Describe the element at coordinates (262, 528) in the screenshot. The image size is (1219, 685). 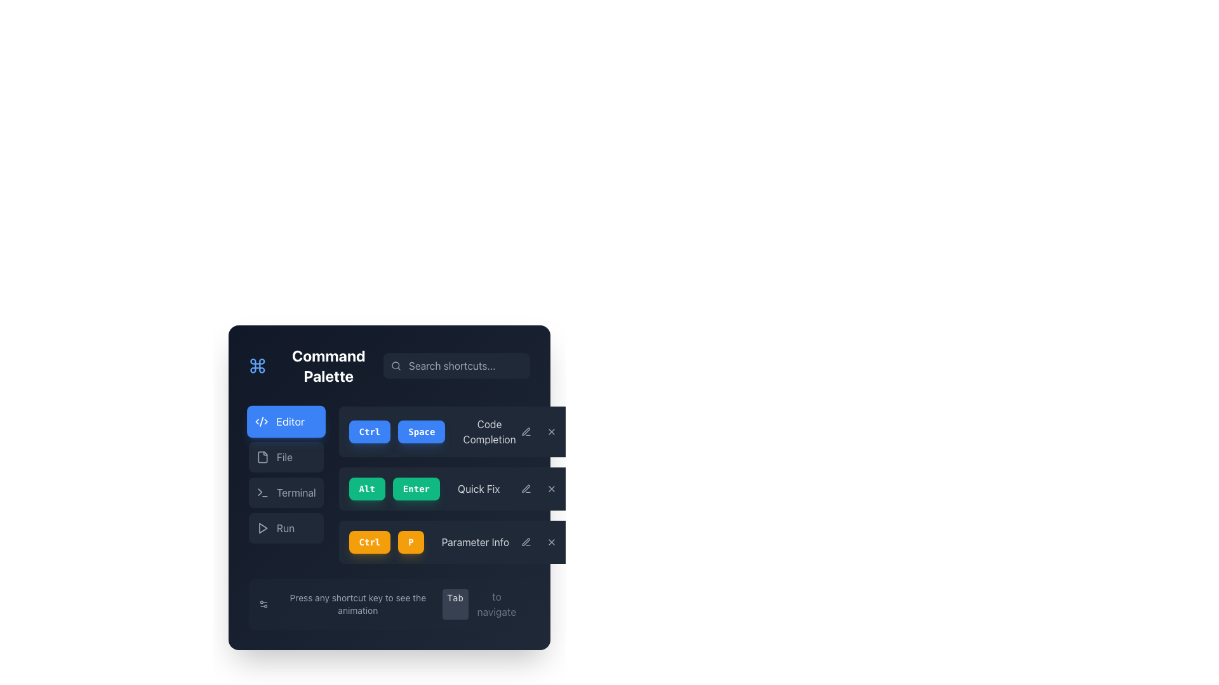
I see `the triangular 'play' icon, which is styled with a stroke outline and positioned to the left of the 'Run' text in the vertically stacked menu, to initiate the associated action` at that location.